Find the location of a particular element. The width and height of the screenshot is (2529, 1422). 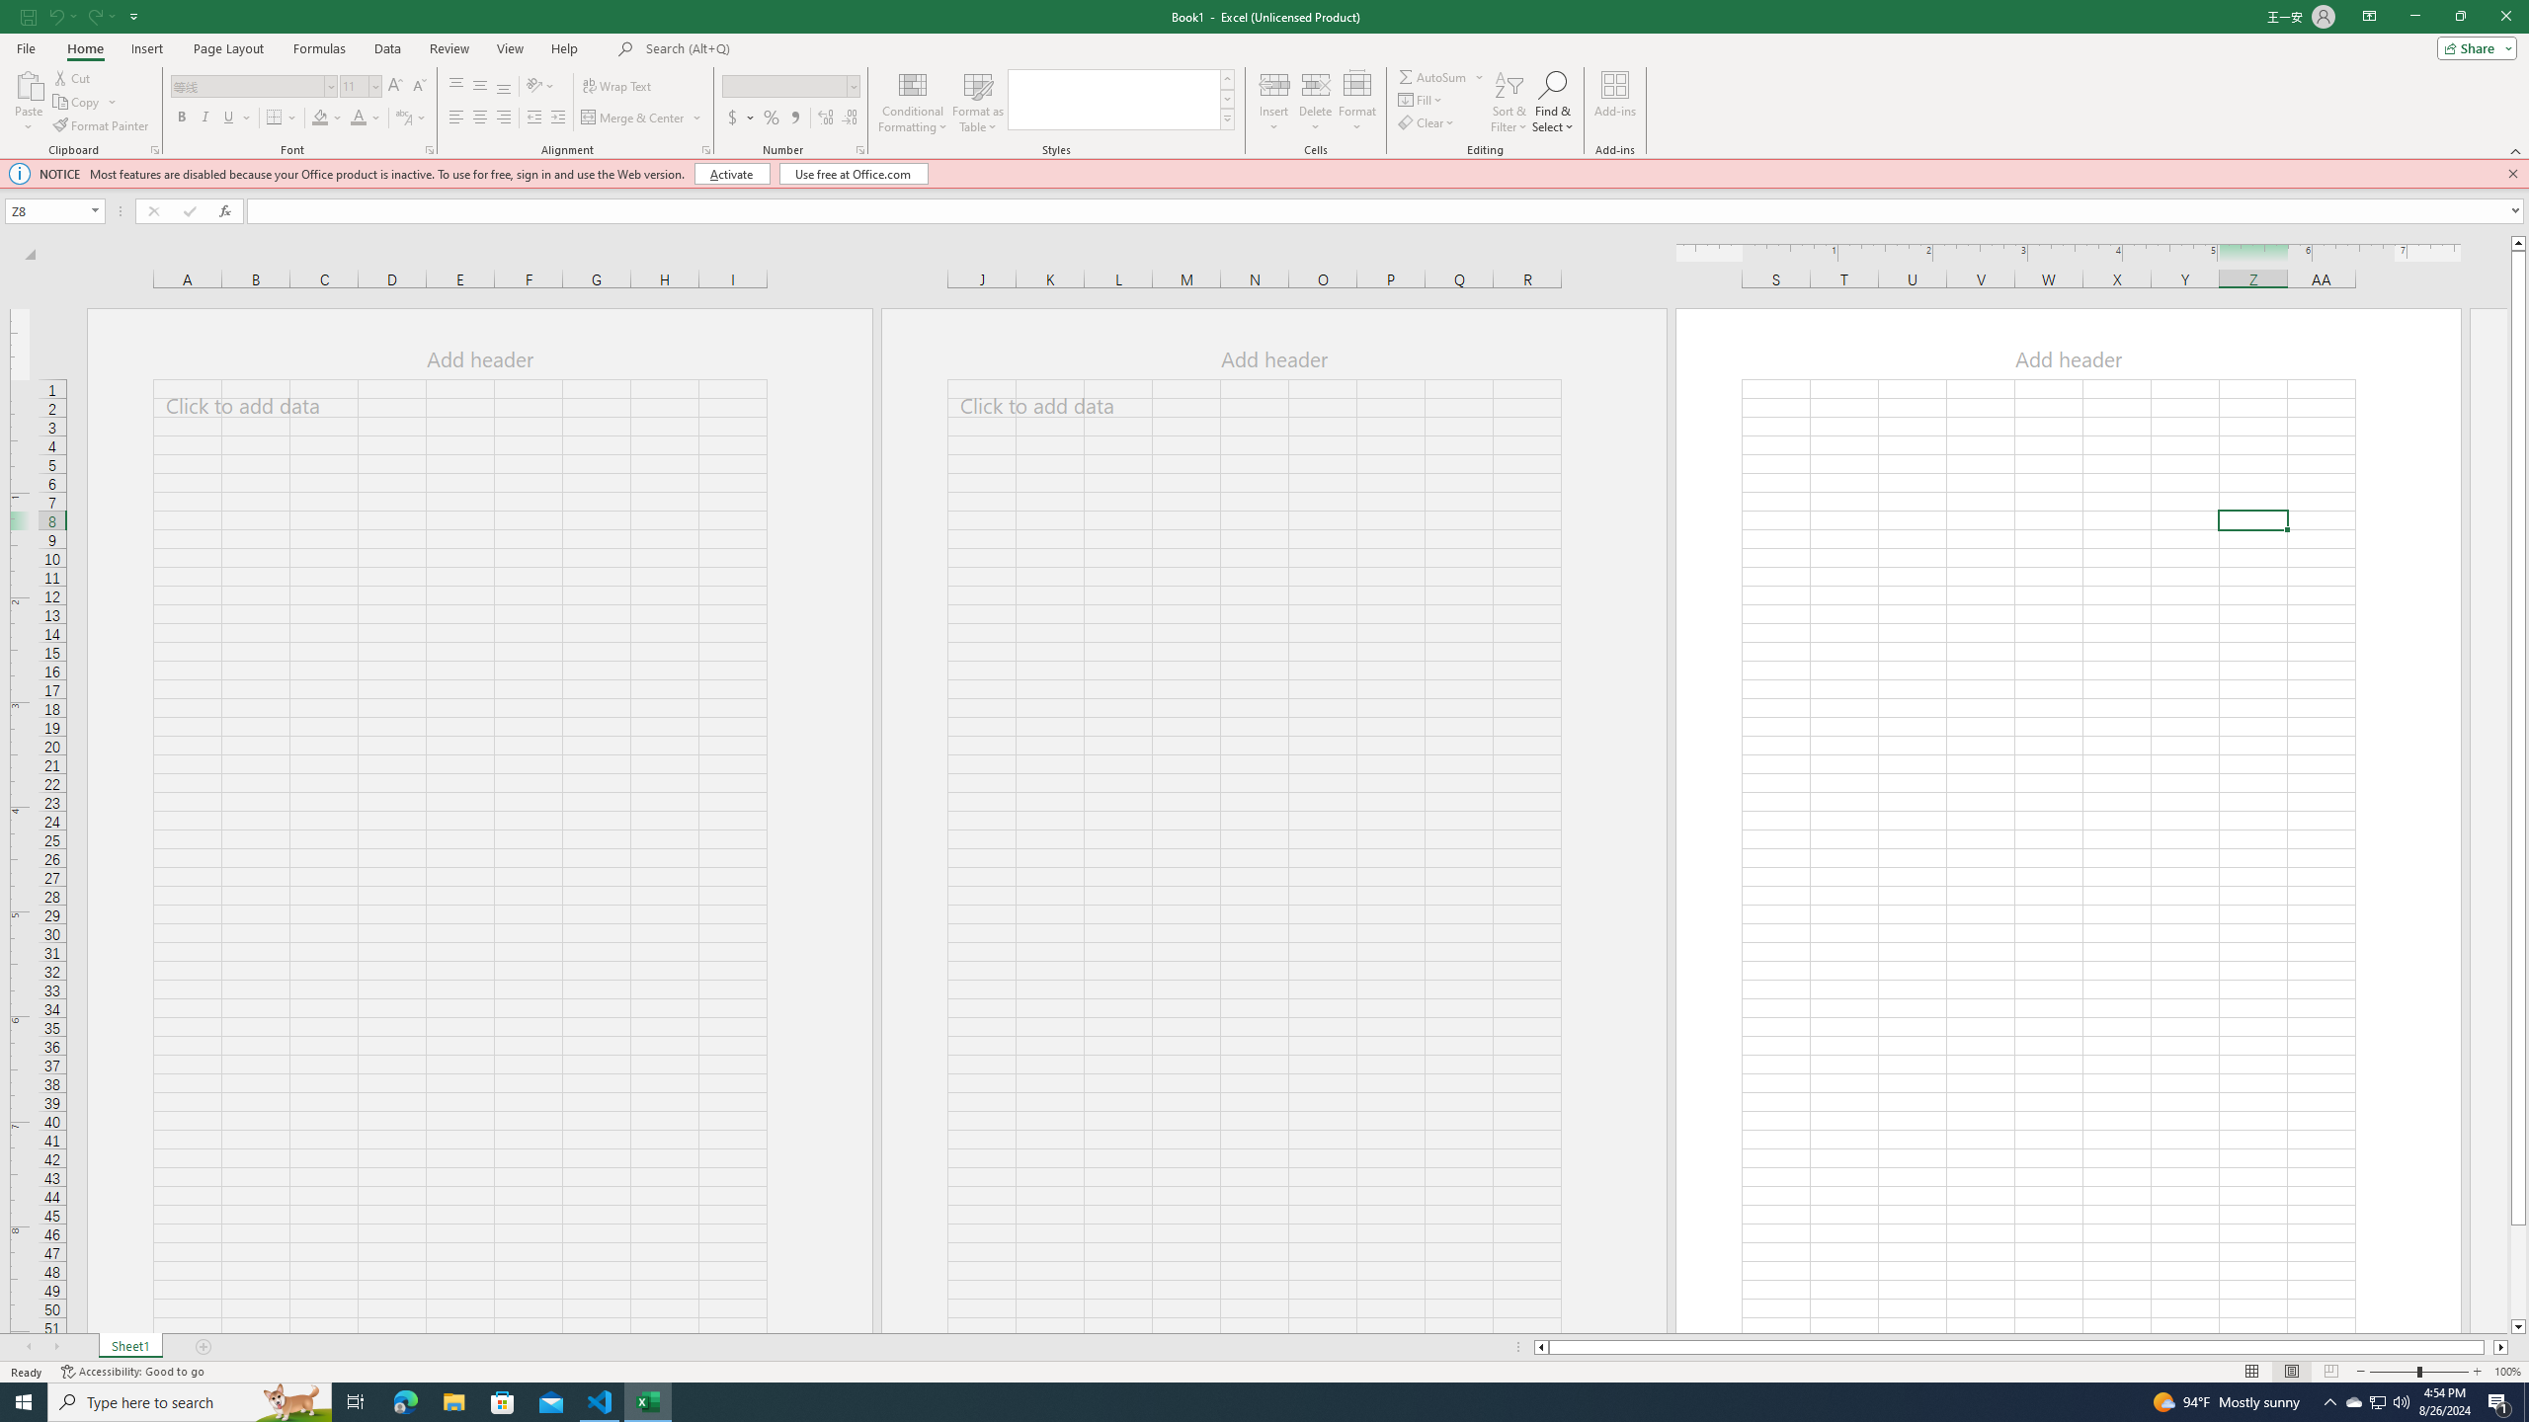

'Bold' is located at coordinates (181, 117).